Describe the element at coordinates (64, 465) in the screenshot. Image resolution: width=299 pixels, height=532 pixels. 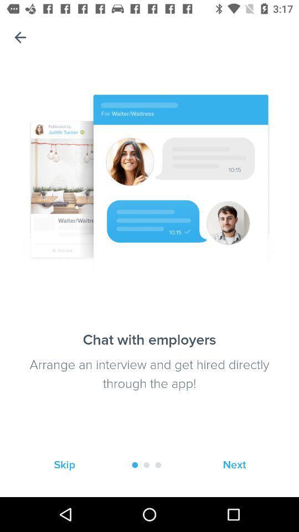
I see `item below the arrange an interview item` at that location.